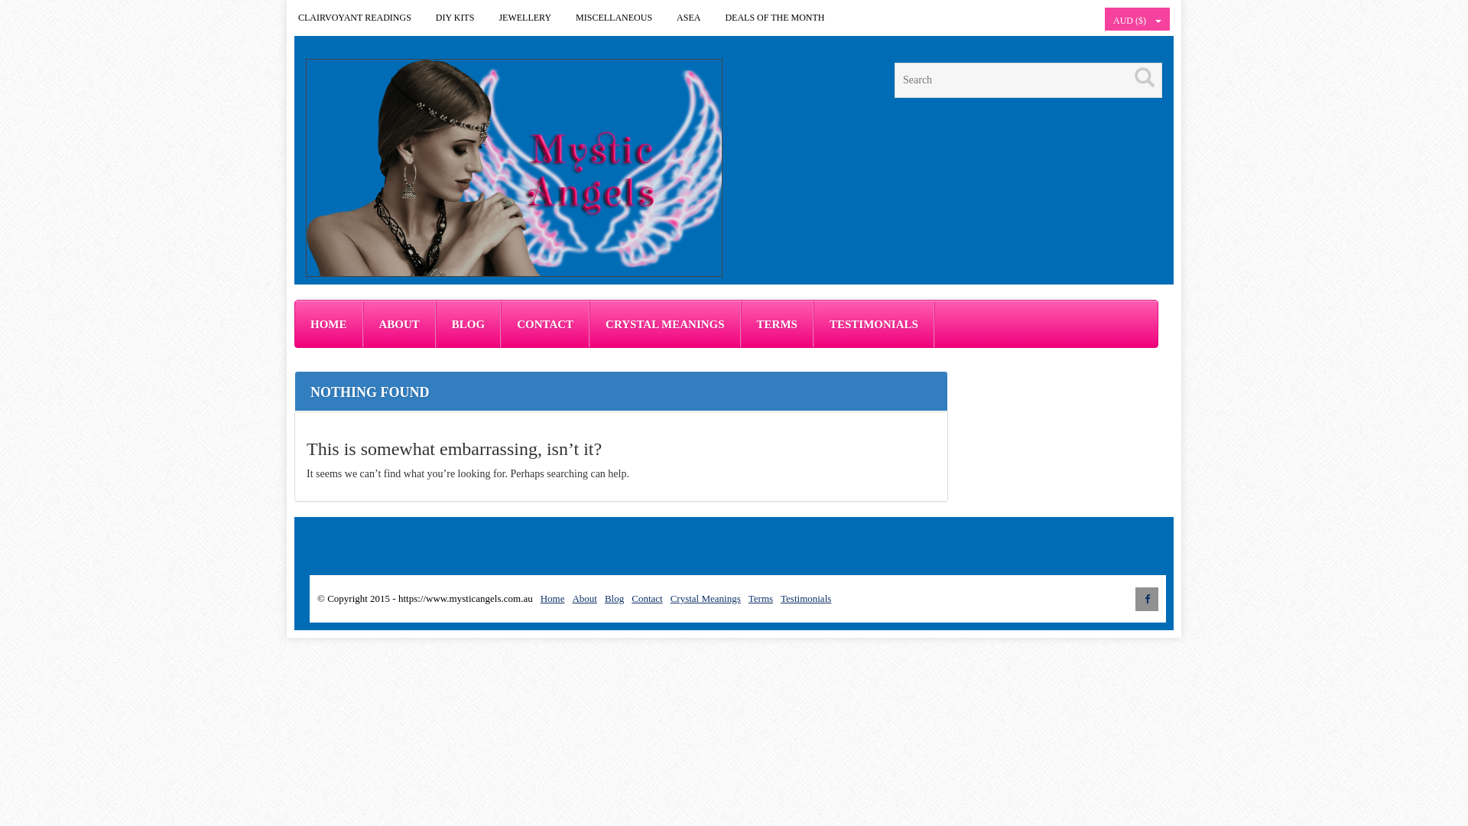 Image resolution: width=1468 pixels, height=826 pixels. What do you see at coordinates (774, 18) in the screenshot?
I see `'DEALS OF THE MONTH'` at bounding box center [774, 18].